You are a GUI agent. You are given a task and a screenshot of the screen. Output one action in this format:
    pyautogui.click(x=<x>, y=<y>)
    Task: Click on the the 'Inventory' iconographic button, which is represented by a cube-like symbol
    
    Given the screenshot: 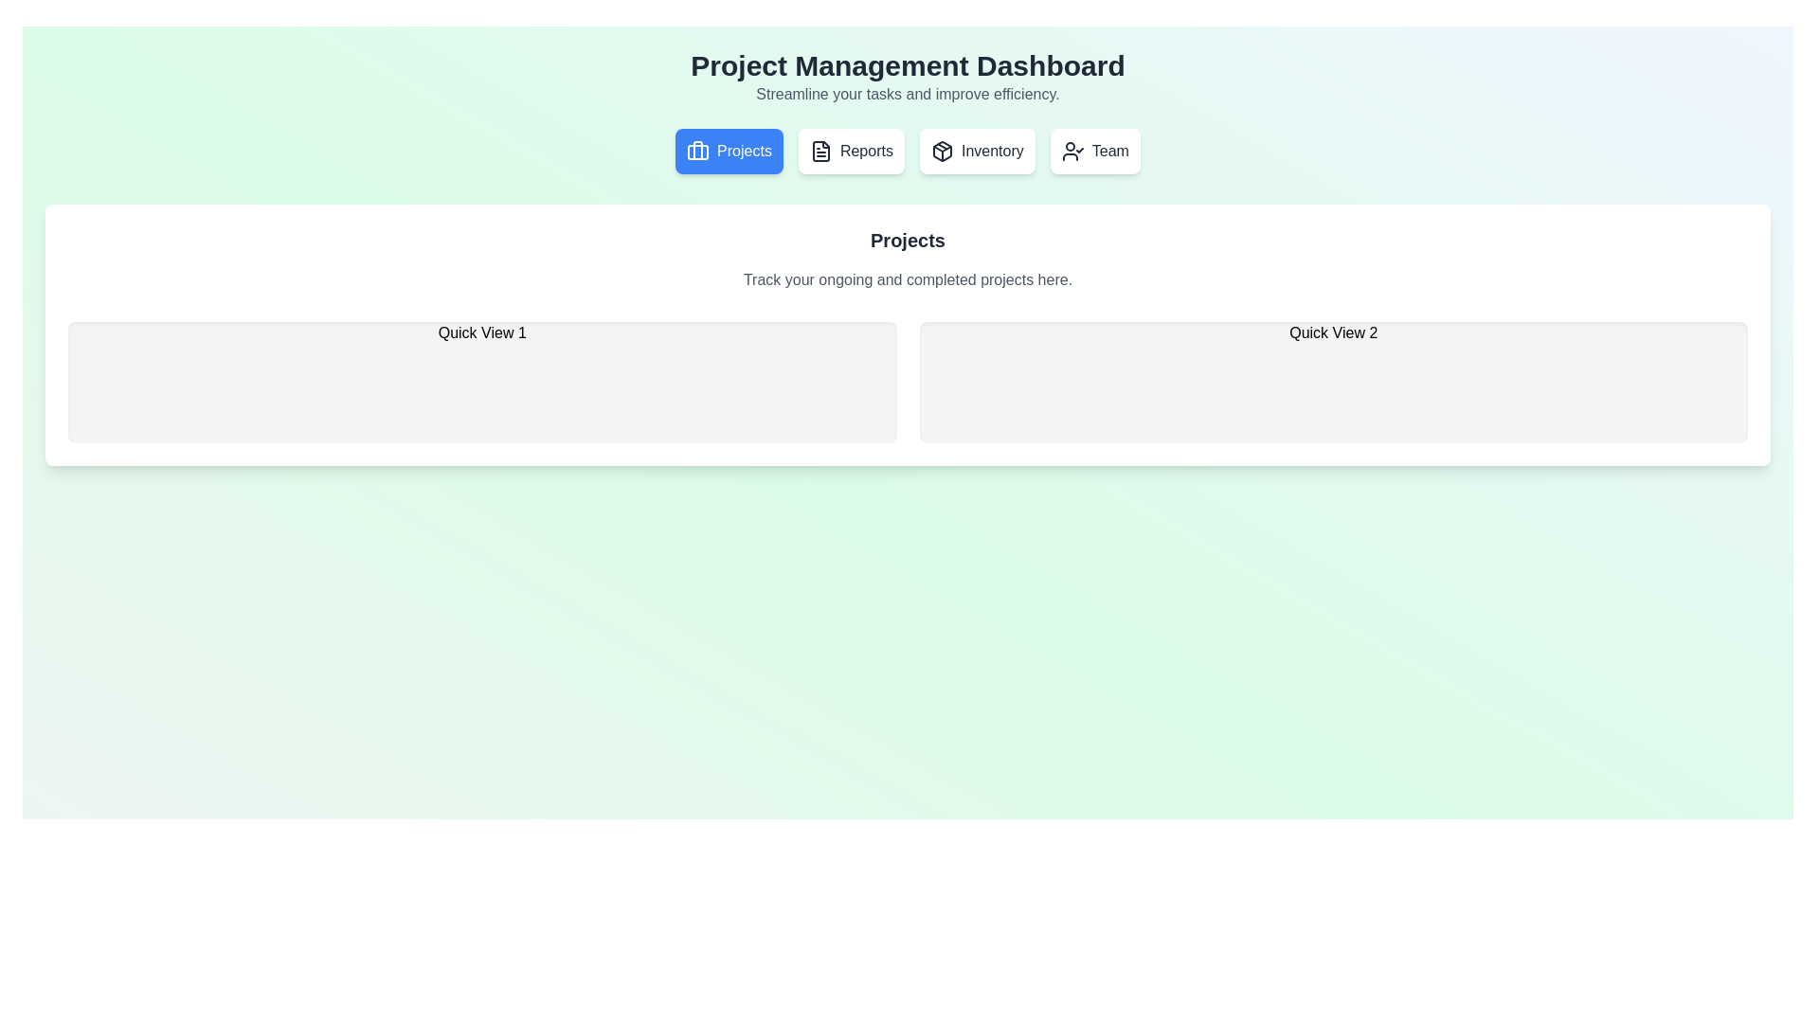 What is the action you would take?
    pyautogui.click(x=942, y=150)
    